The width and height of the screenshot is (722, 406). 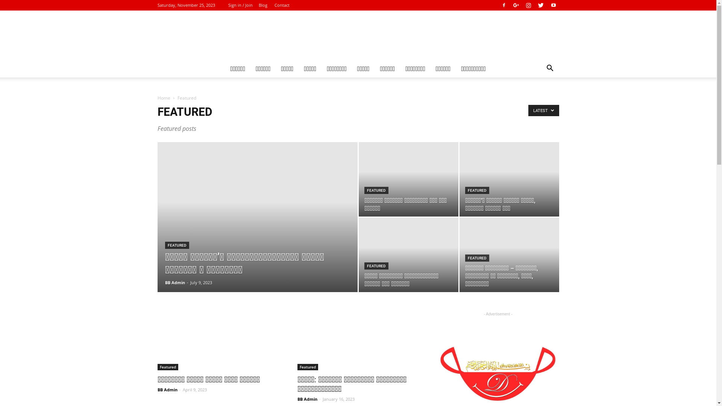 I want to click on 'Instagram', so click(x=528, y=5).